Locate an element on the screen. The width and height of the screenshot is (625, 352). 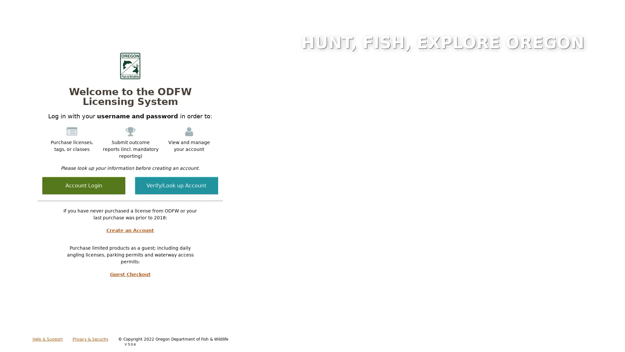
Account Login is located at coordinates (83, 185).